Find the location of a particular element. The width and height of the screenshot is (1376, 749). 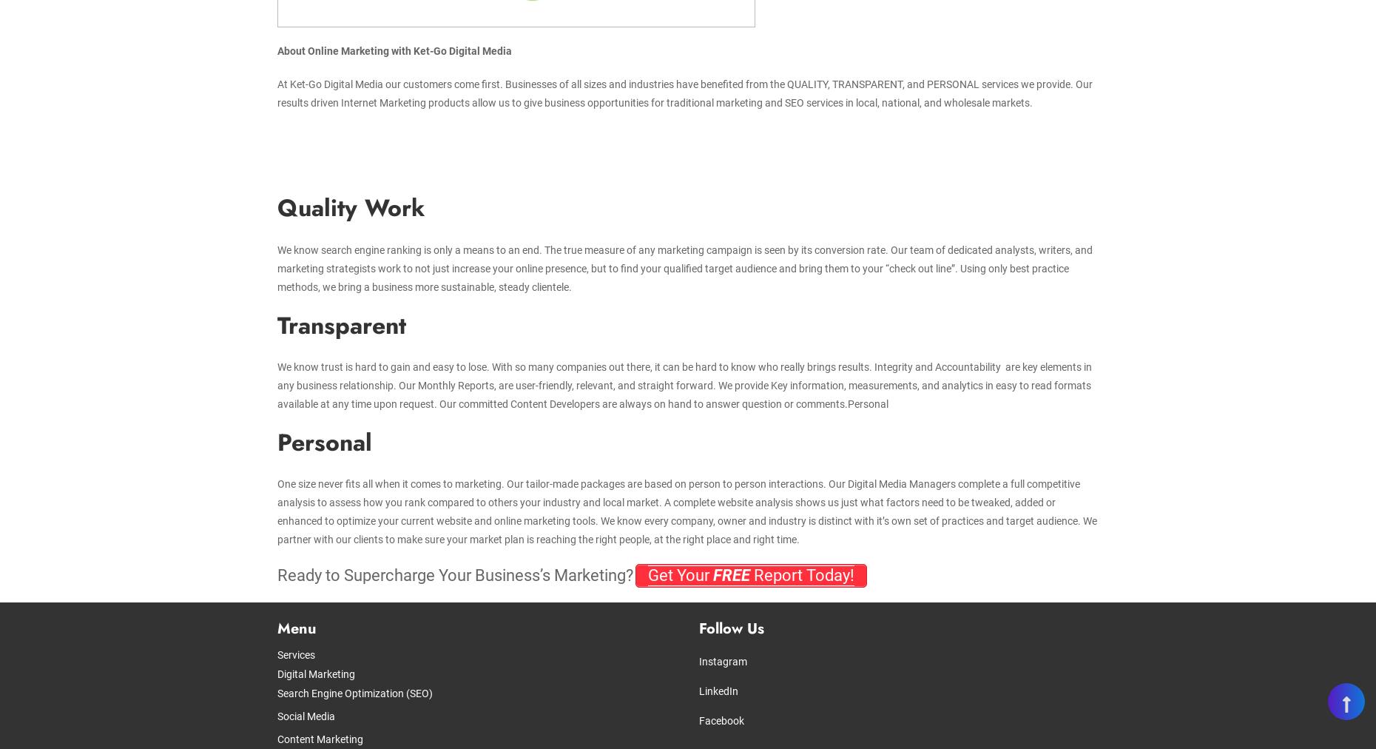

'Quality Work' is located at coordinates (276, 207).